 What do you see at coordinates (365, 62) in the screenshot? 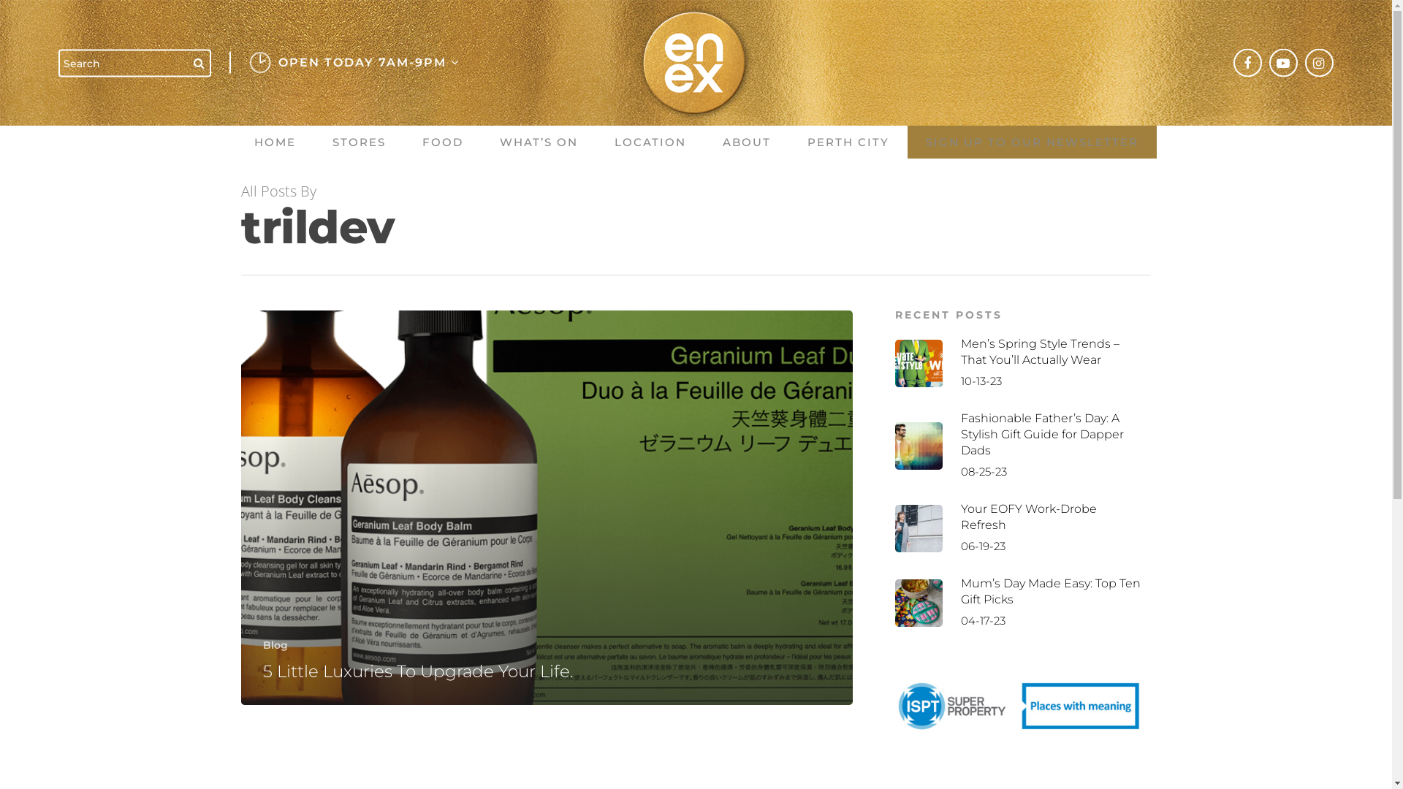
I see `'OPEN TODAY 7AM-9PM'` at bounding box center [365, 62].